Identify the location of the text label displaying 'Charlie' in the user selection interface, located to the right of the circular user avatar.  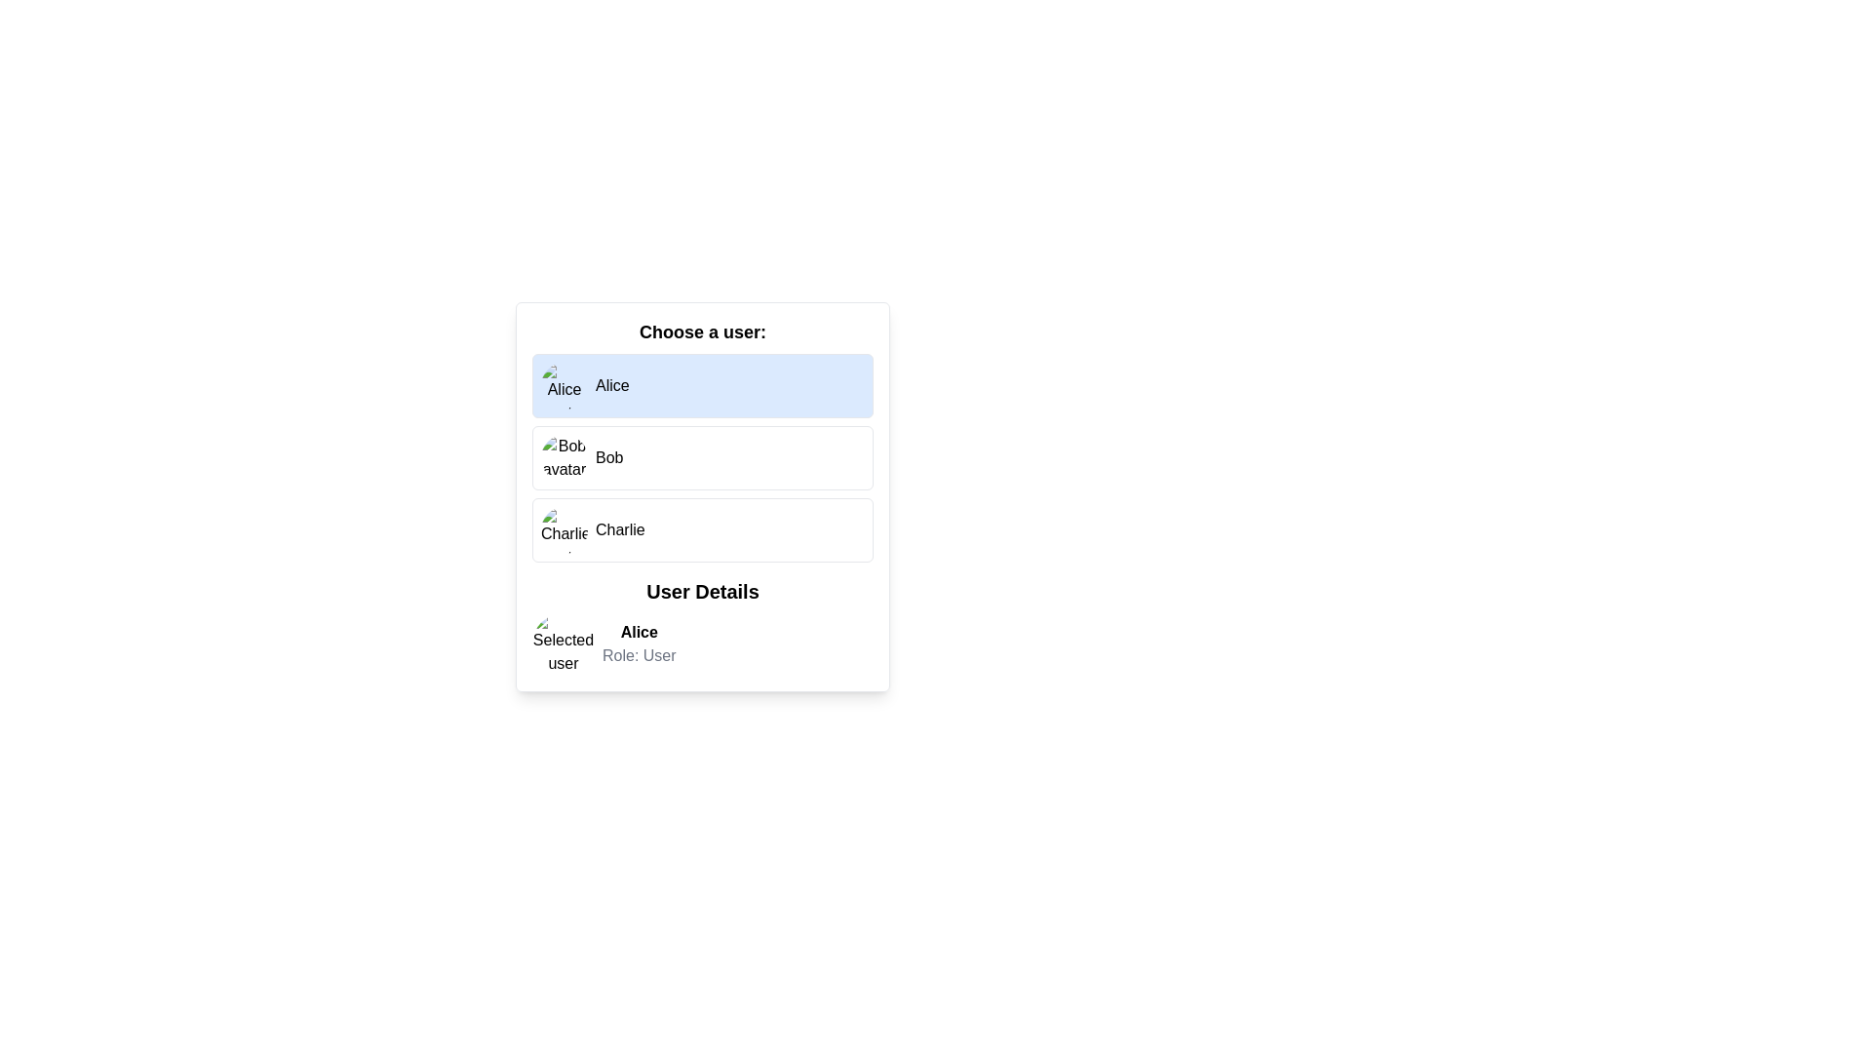
(619, 529).